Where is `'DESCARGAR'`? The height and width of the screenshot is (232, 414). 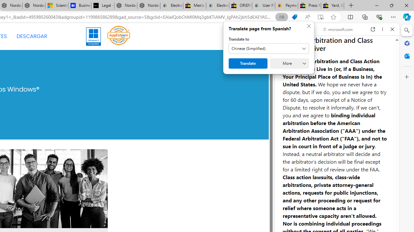
'DESCARGAR' is located at coordinates (31, 36).